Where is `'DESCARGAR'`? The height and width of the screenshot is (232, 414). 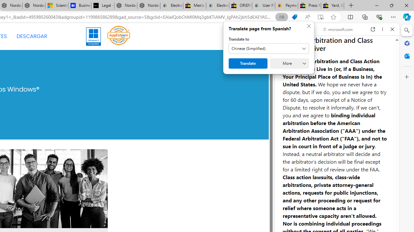
'DESCARGAR' is located at coordinates (31, 36).